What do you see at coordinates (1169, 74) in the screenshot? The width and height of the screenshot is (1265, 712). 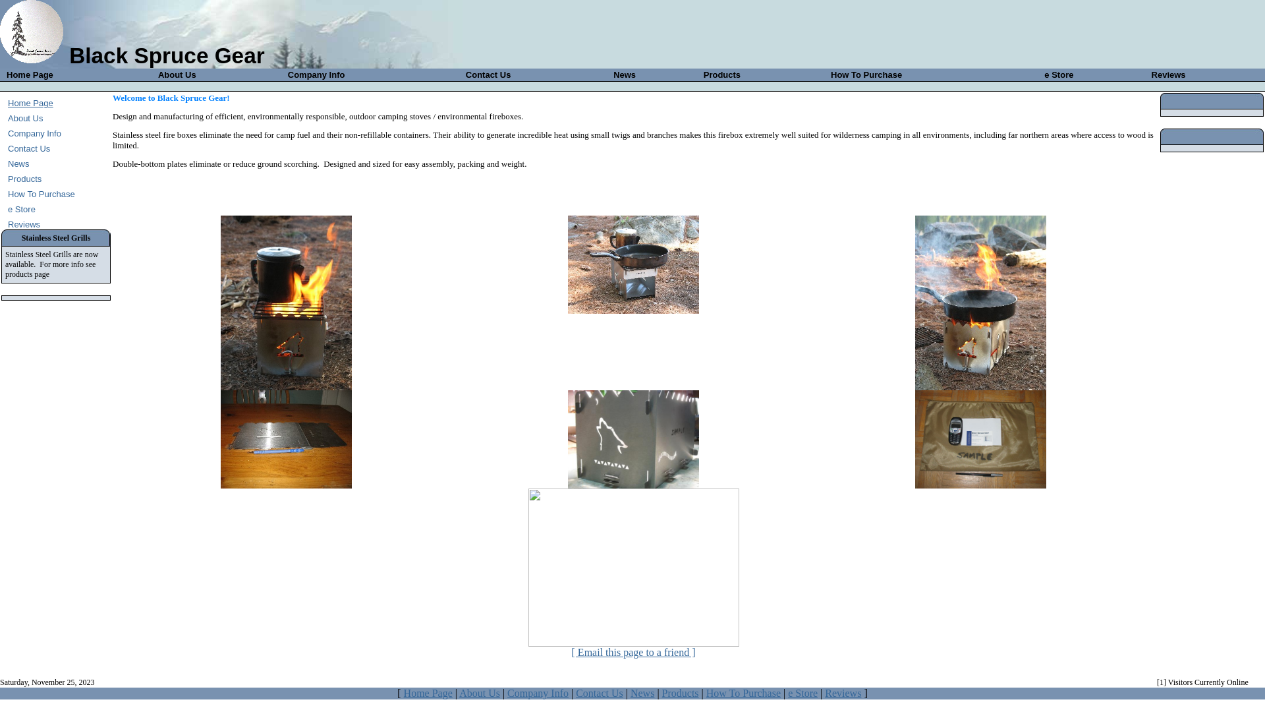 I see `'Reviews'` at bounding box center [1169, 74].